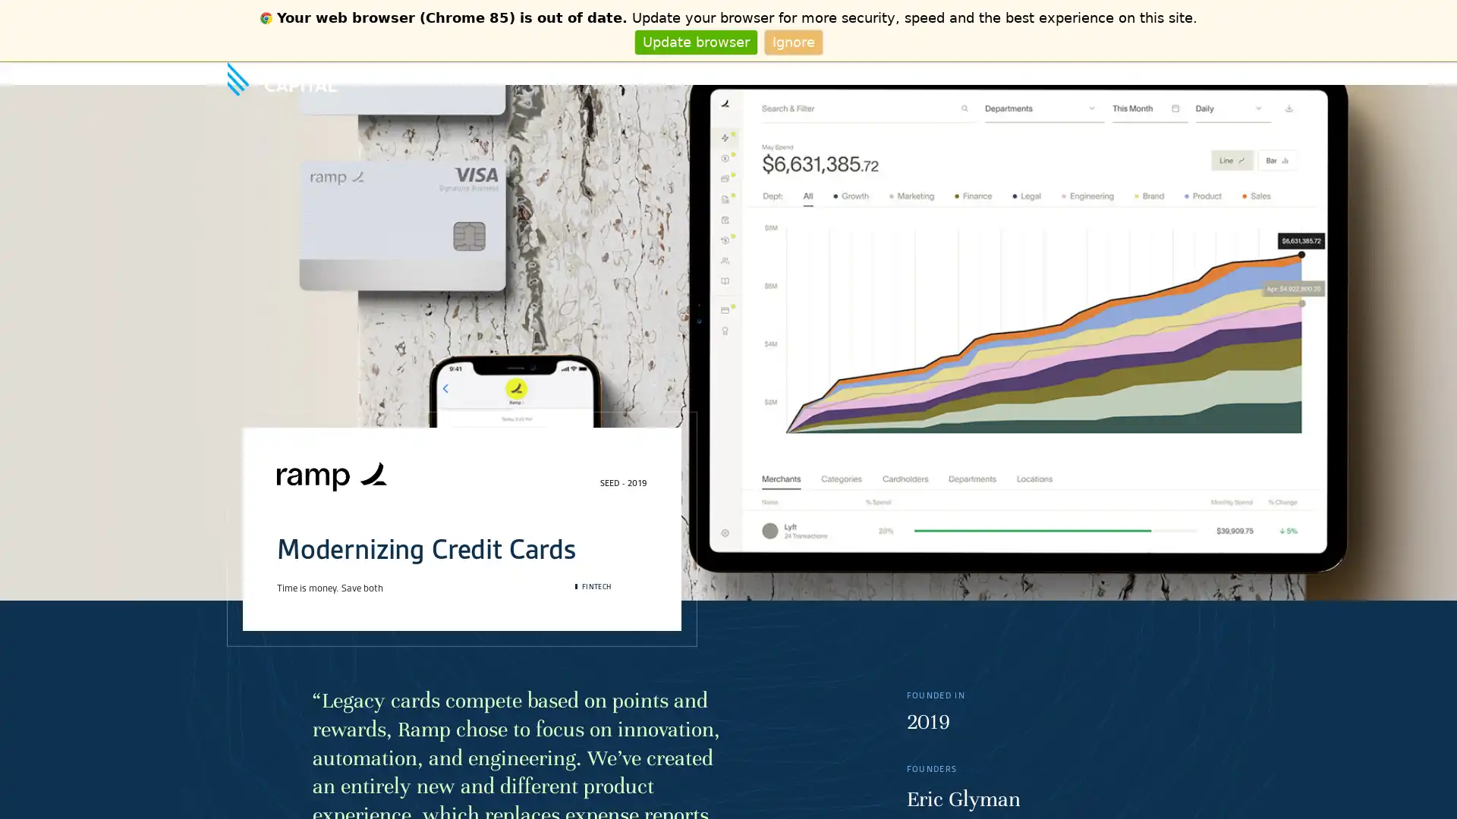  I want to click on MENU, so click(1216, 73).